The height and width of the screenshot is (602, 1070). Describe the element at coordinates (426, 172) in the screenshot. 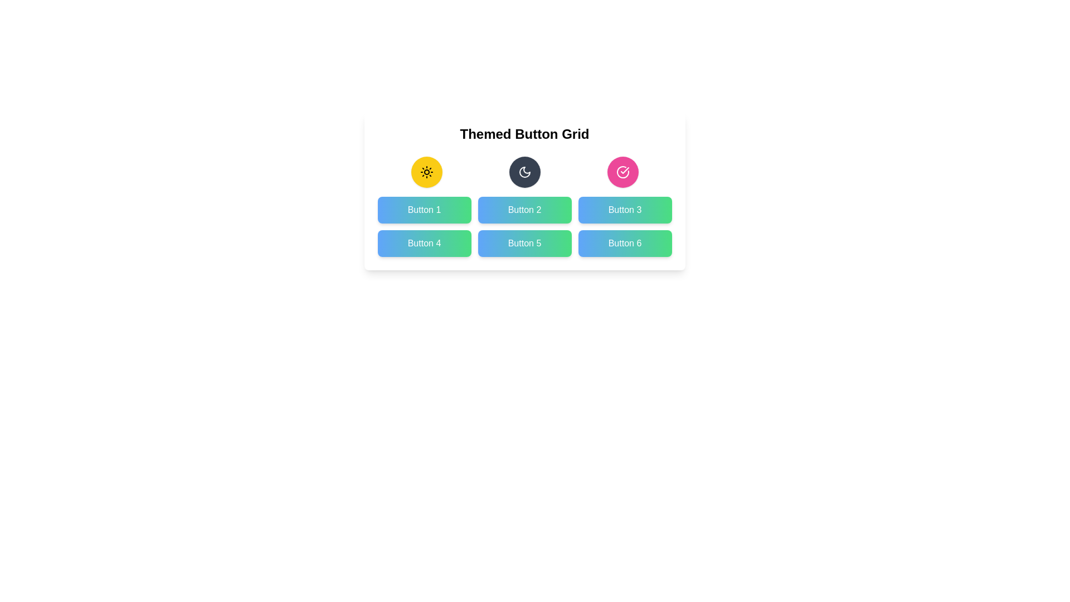

I see `the sun icon button located at the top left of the layout` at that location.